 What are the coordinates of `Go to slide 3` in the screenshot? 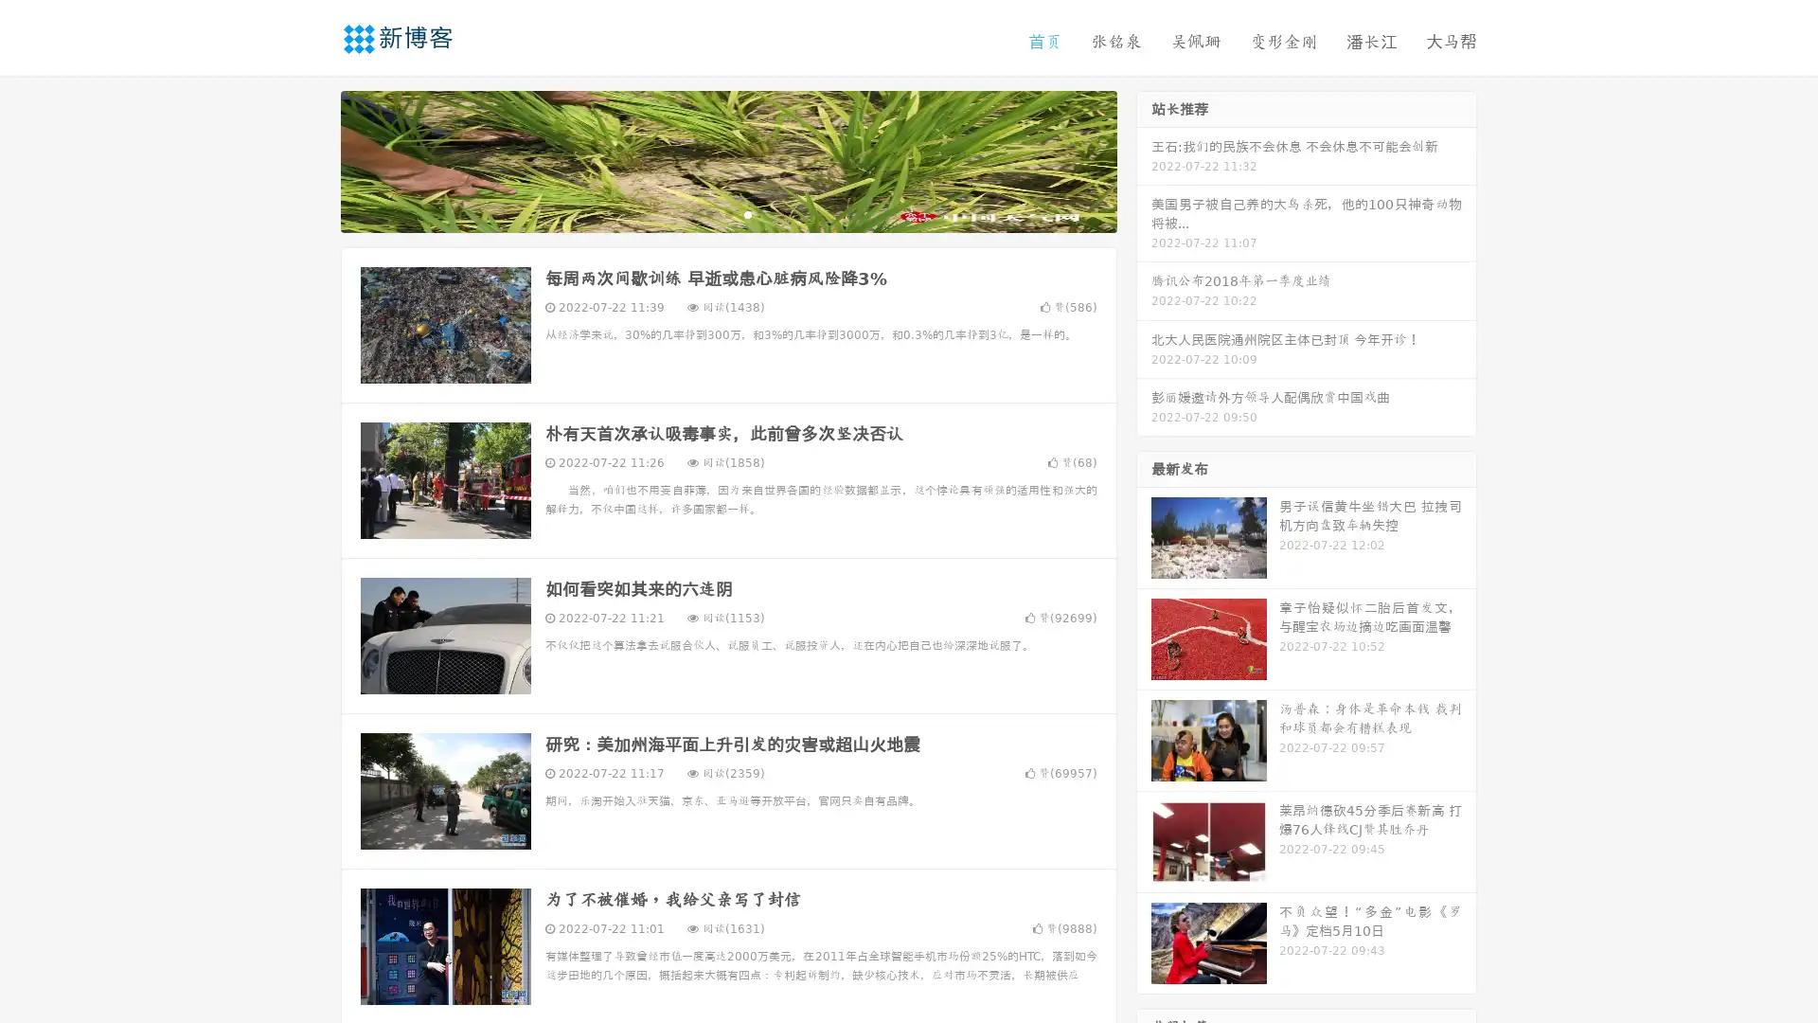 It's located at (747, 213).